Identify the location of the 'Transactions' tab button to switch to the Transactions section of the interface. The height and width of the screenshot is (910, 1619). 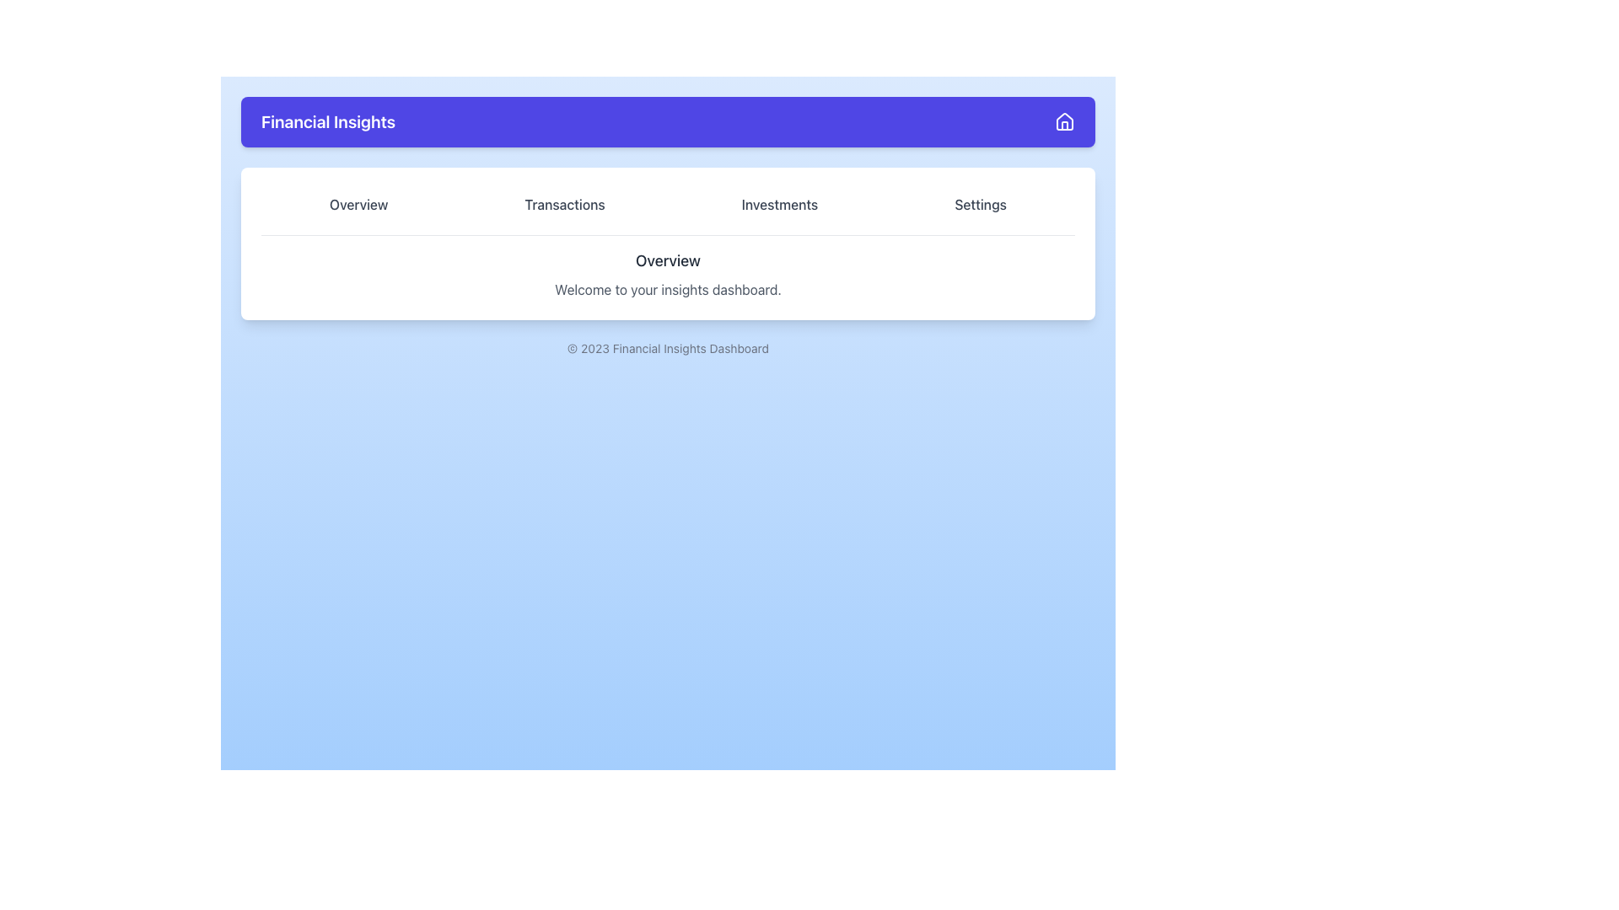
(565, 204).